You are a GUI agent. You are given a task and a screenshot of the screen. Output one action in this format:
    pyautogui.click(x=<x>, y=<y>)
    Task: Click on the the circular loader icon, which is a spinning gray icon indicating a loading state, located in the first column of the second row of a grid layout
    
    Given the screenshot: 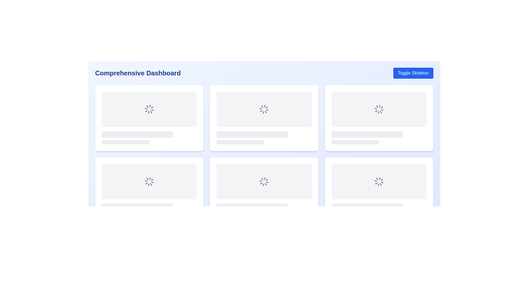 What is the action you would take?
    pyautogui.click(x=149, y=182)
    